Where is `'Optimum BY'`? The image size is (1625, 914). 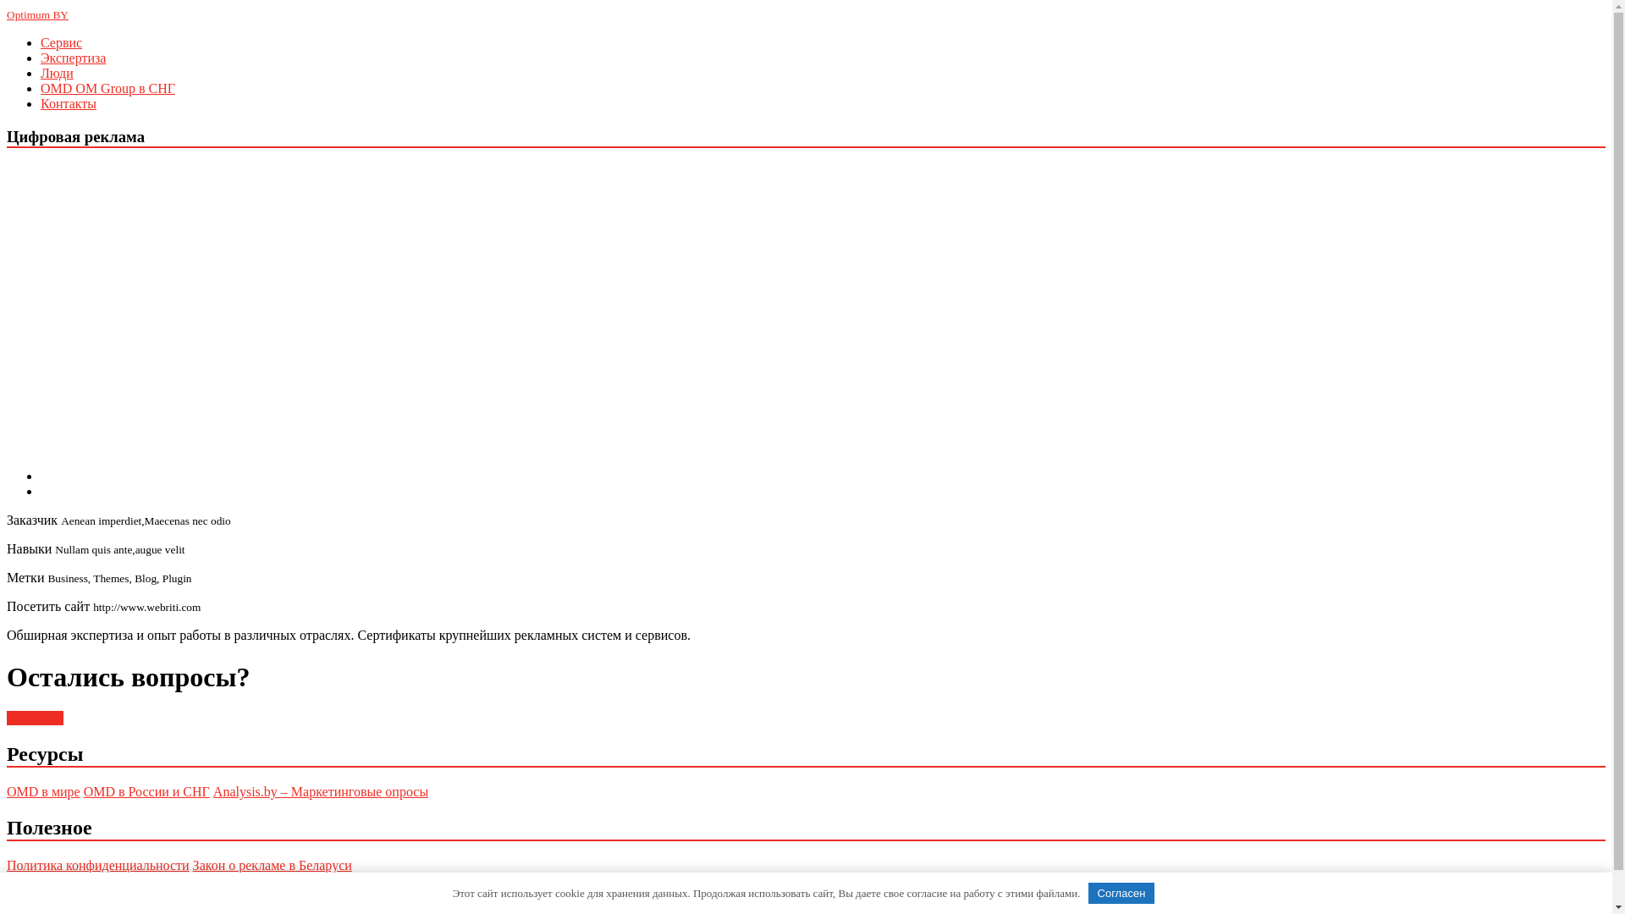
'Optimum BY' is located at coordinates (37, 14).